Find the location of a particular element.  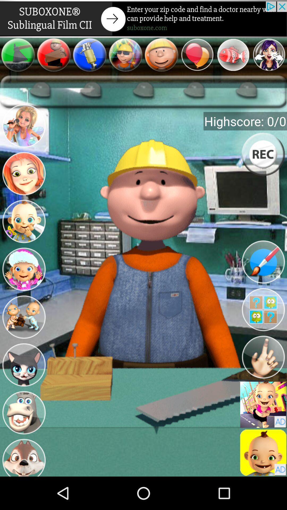

share the article is located at coordinates (143, 19).